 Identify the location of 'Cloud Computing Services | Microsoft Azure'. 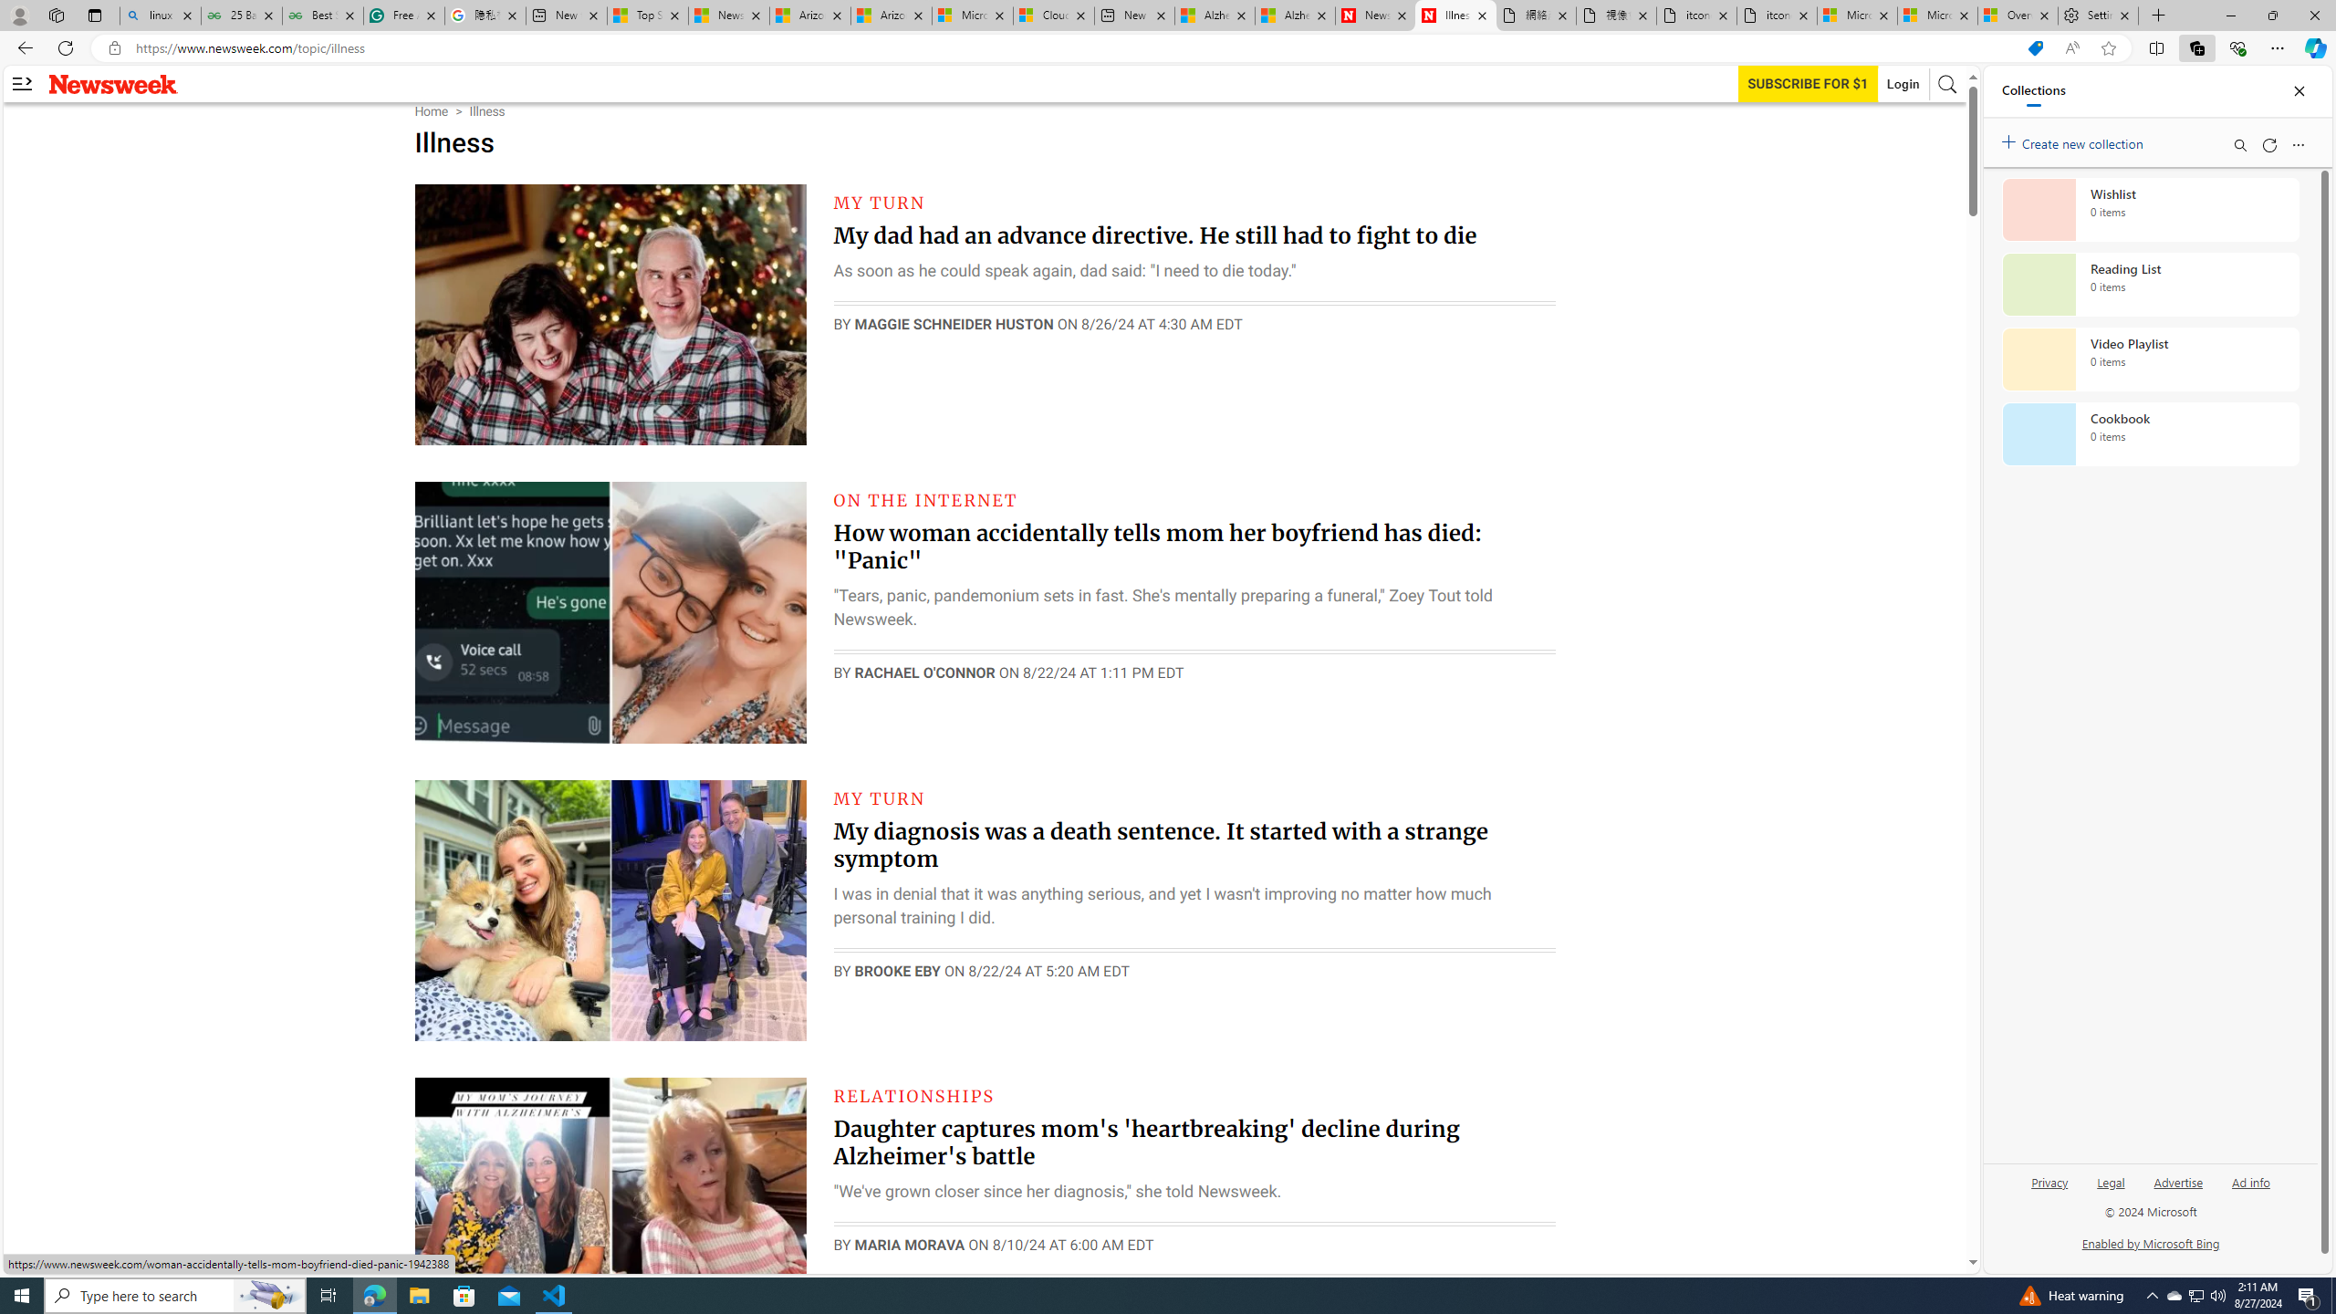
(1052, 15).